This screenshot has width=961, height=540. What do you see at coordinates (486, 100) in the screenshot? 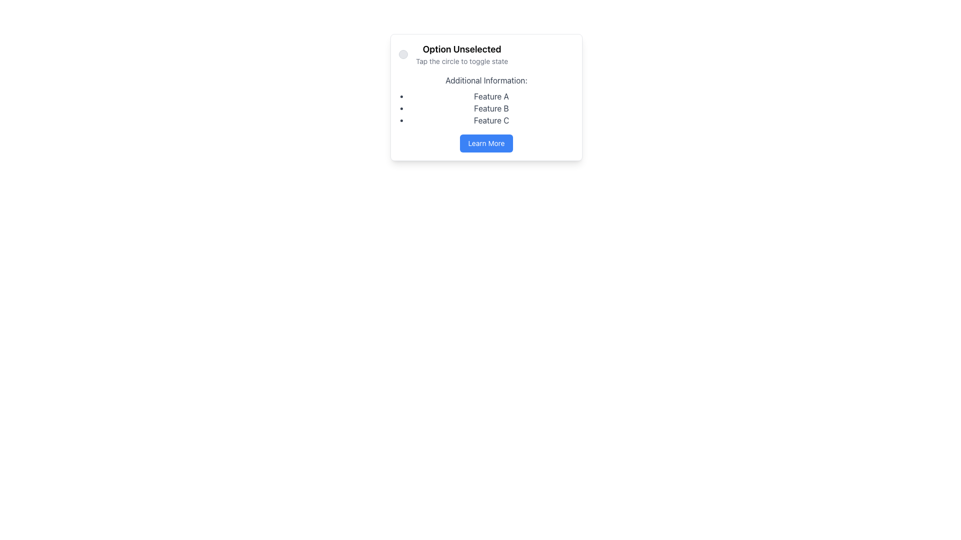
I see `the Text element that contains the heading 'Additional Information' and a list of key features, located between the 'Tap the circle to toggle state' text and the 'Learn More' button` at bounding box center [486, 100].